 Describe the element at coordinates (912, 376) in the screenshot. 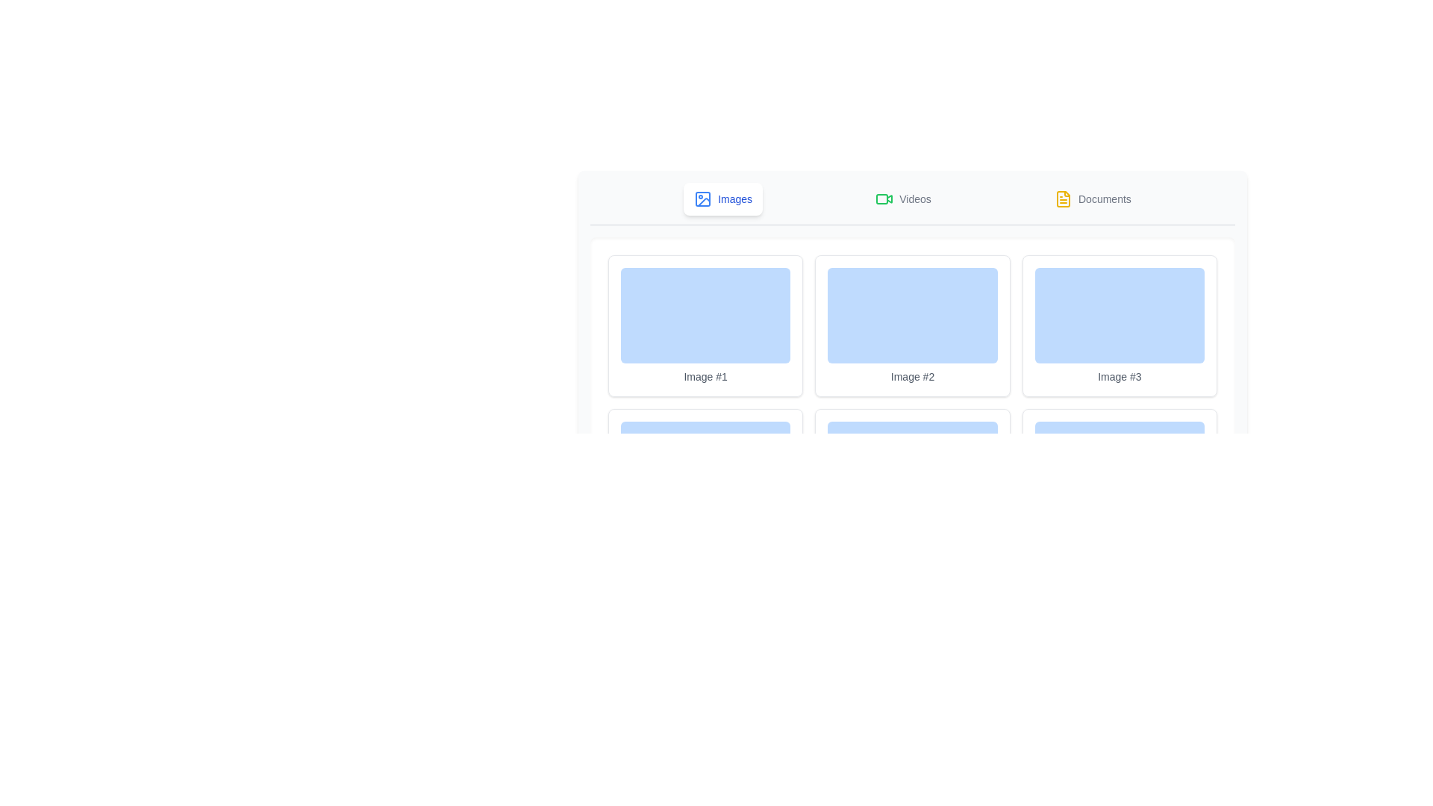

I see `the static text label 'Image #2' that identifies the content of the associated image in the card layout` at that location.